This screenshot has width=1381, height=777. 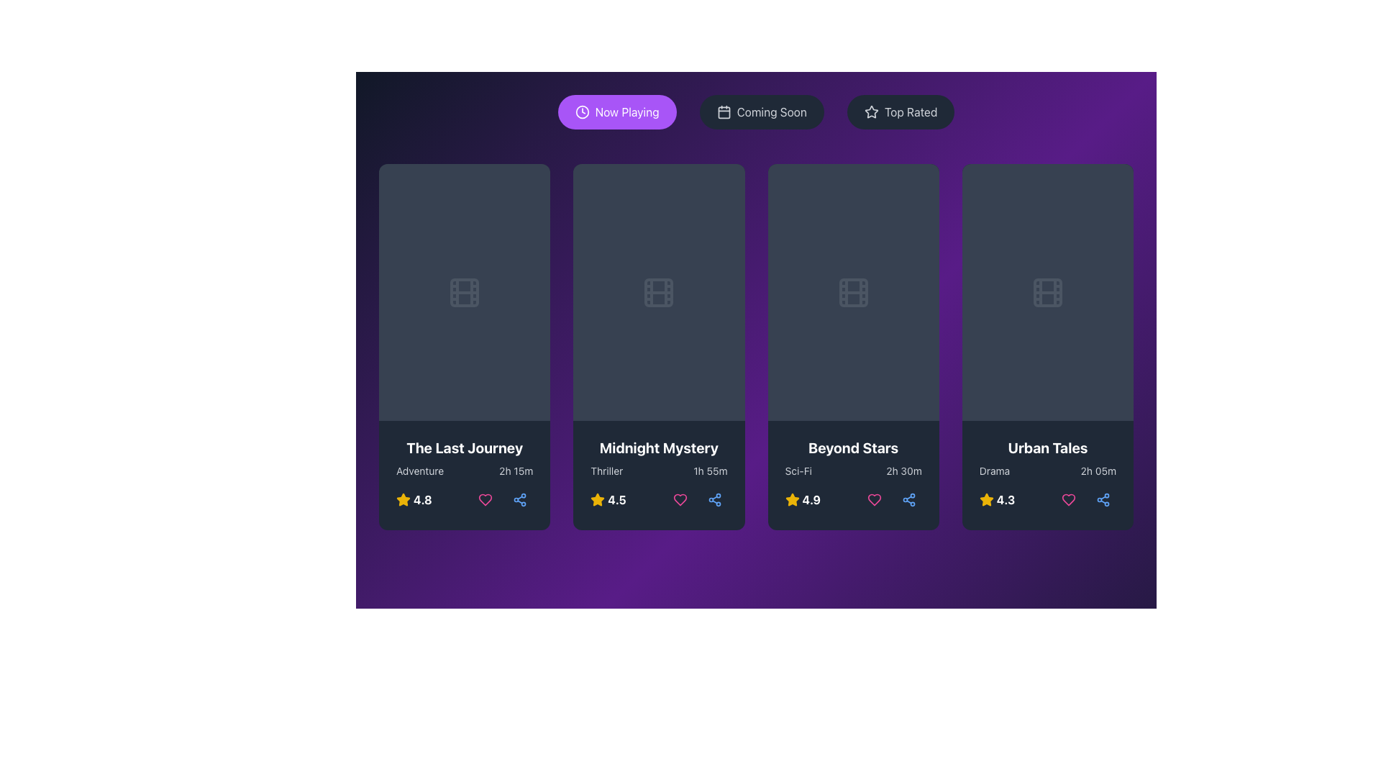 I want to click on the favorite icon/button located at the bottom area of 'The Last Journey' movie card to like or favorite the movie, so click(x=486, y=499).